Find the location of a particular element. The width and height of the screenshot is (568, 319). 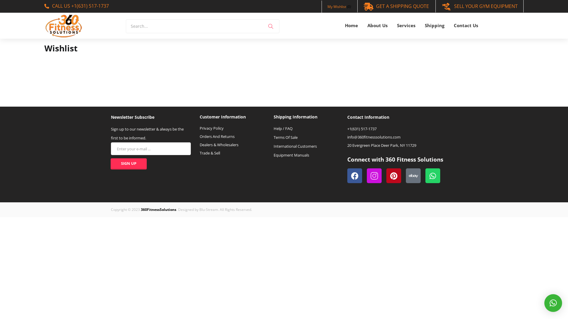

'International Customers' is located at coordinates (295, 146).